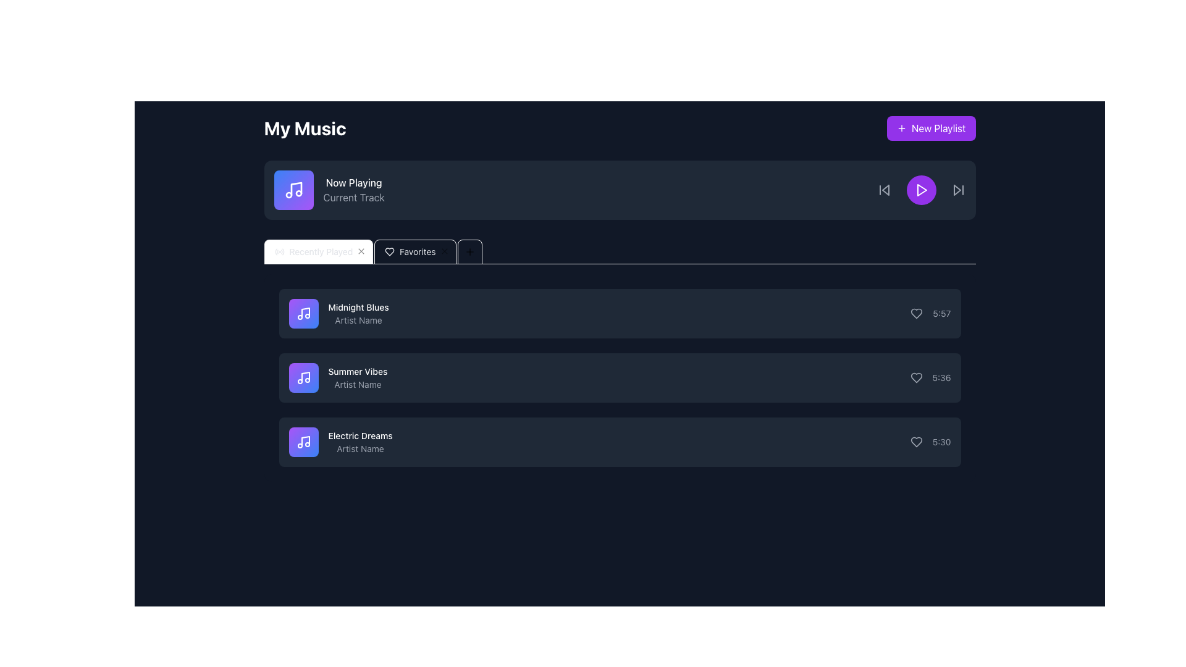 Image resolution: width=1186 pixels, height=667 pixels. What do you see at coordinates (883, 190) in the screenshot?
I see `the leftward-facing triangular arrow icon button to skip to the previous track in the playback section of media control buttons` at bounding box center [883, 190].